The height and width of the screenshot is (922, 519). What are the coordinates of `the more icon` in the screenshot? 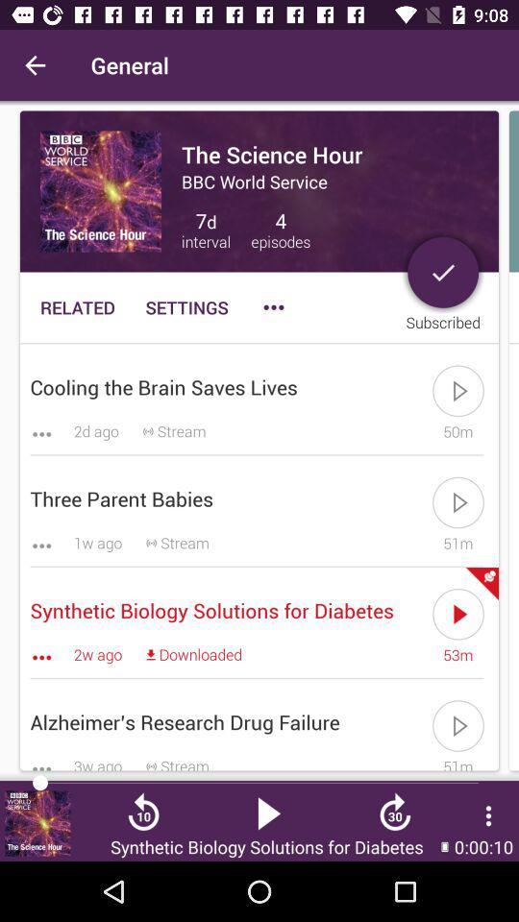 It's located at (488, 814).